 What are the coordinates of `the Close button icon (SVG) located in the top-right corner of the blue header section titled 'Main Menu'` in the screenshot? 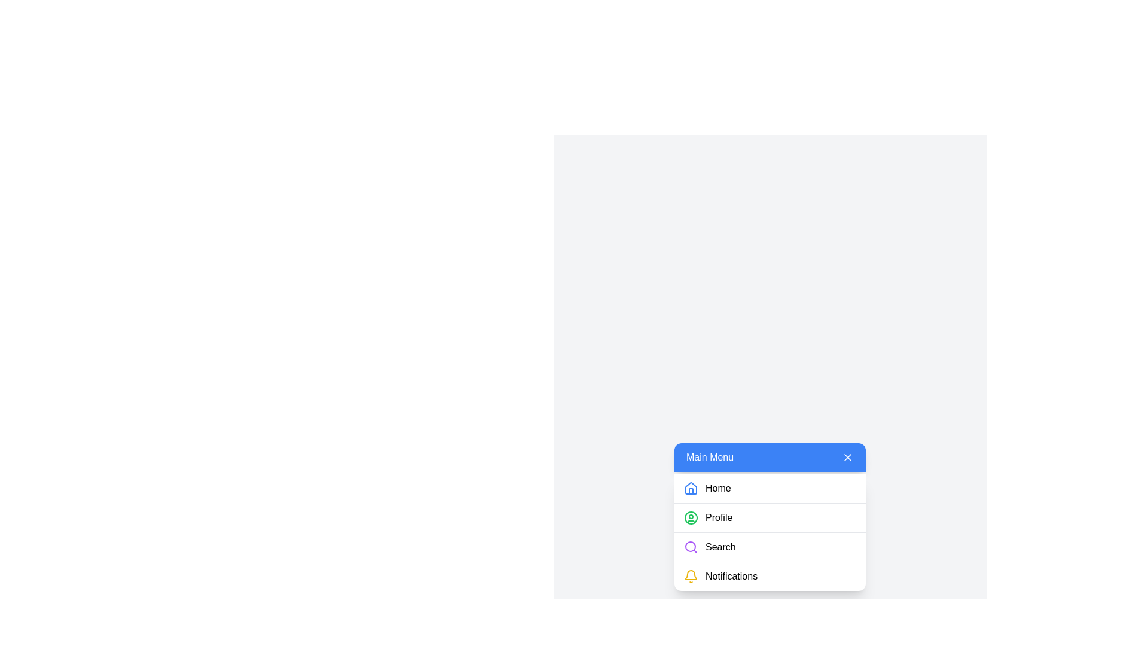 It's located at (847, 457).